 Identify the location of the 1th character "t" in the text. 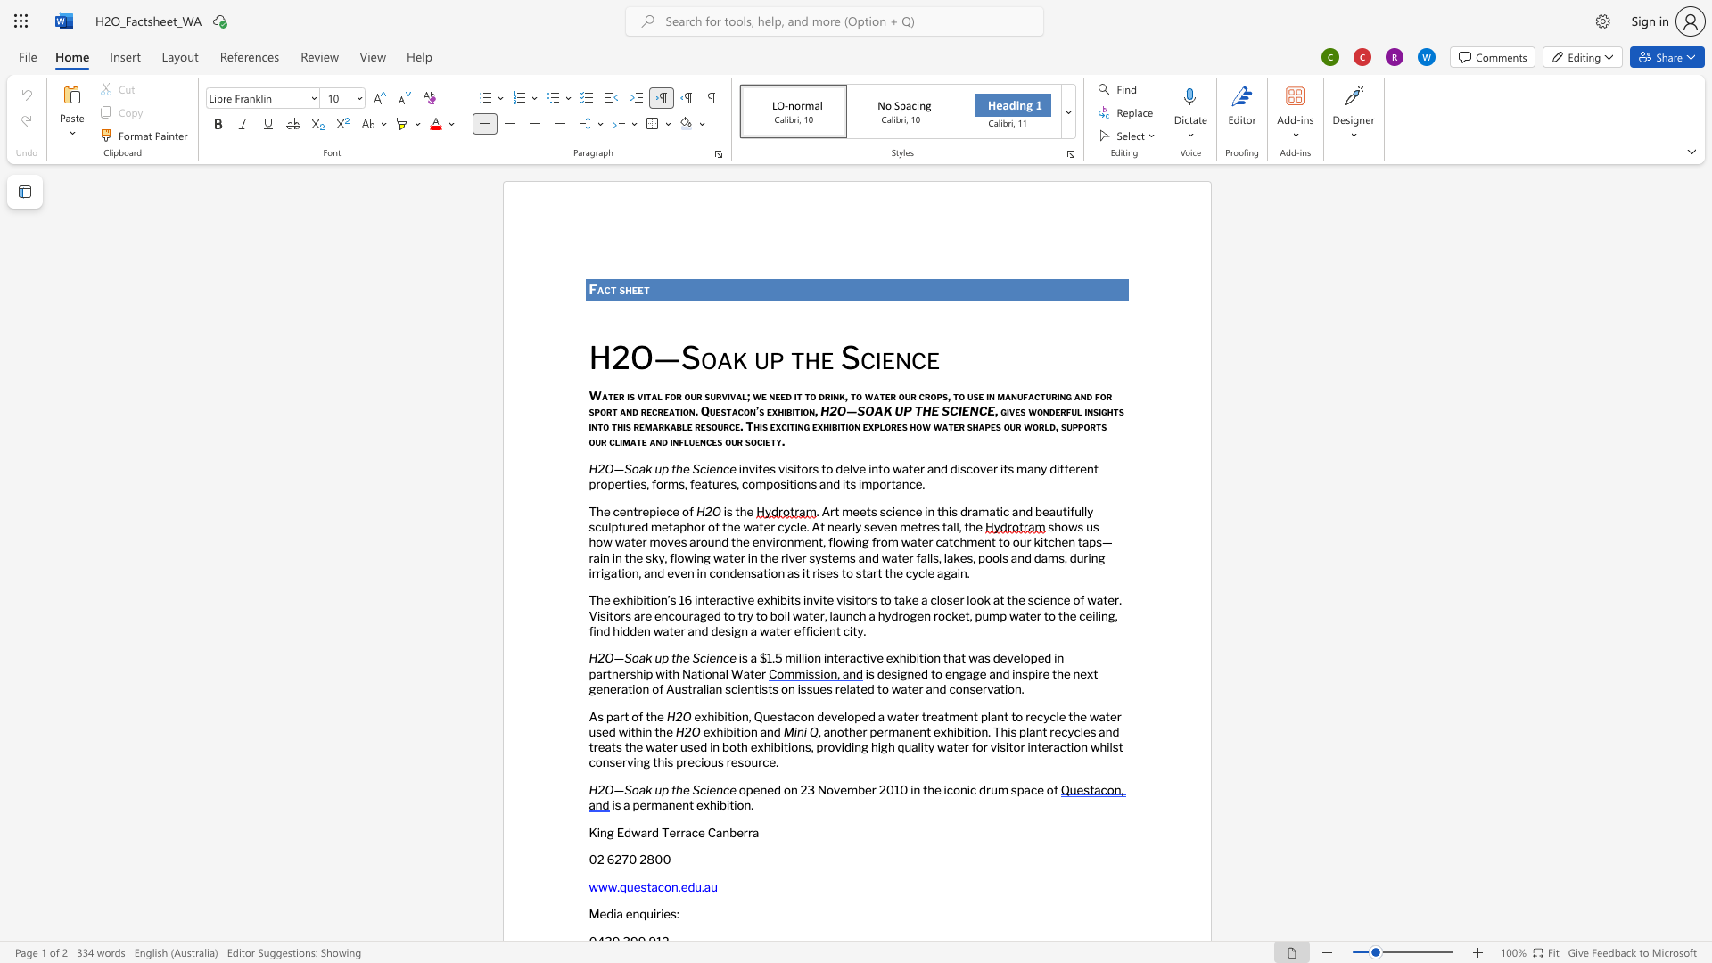
(846, 484).